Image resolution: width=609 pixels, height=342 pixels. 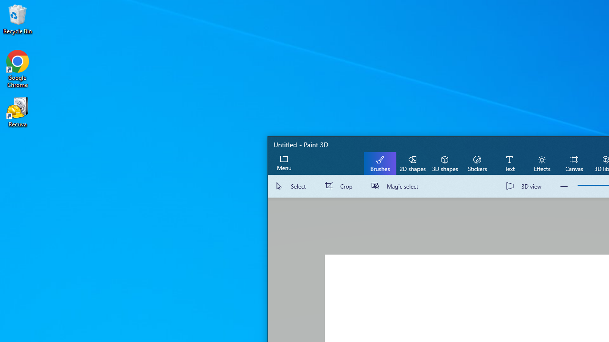 What do you see at coordinates (525, 186) in the screenshot?
I see `'3D view'` at bounding box center [525, 186].